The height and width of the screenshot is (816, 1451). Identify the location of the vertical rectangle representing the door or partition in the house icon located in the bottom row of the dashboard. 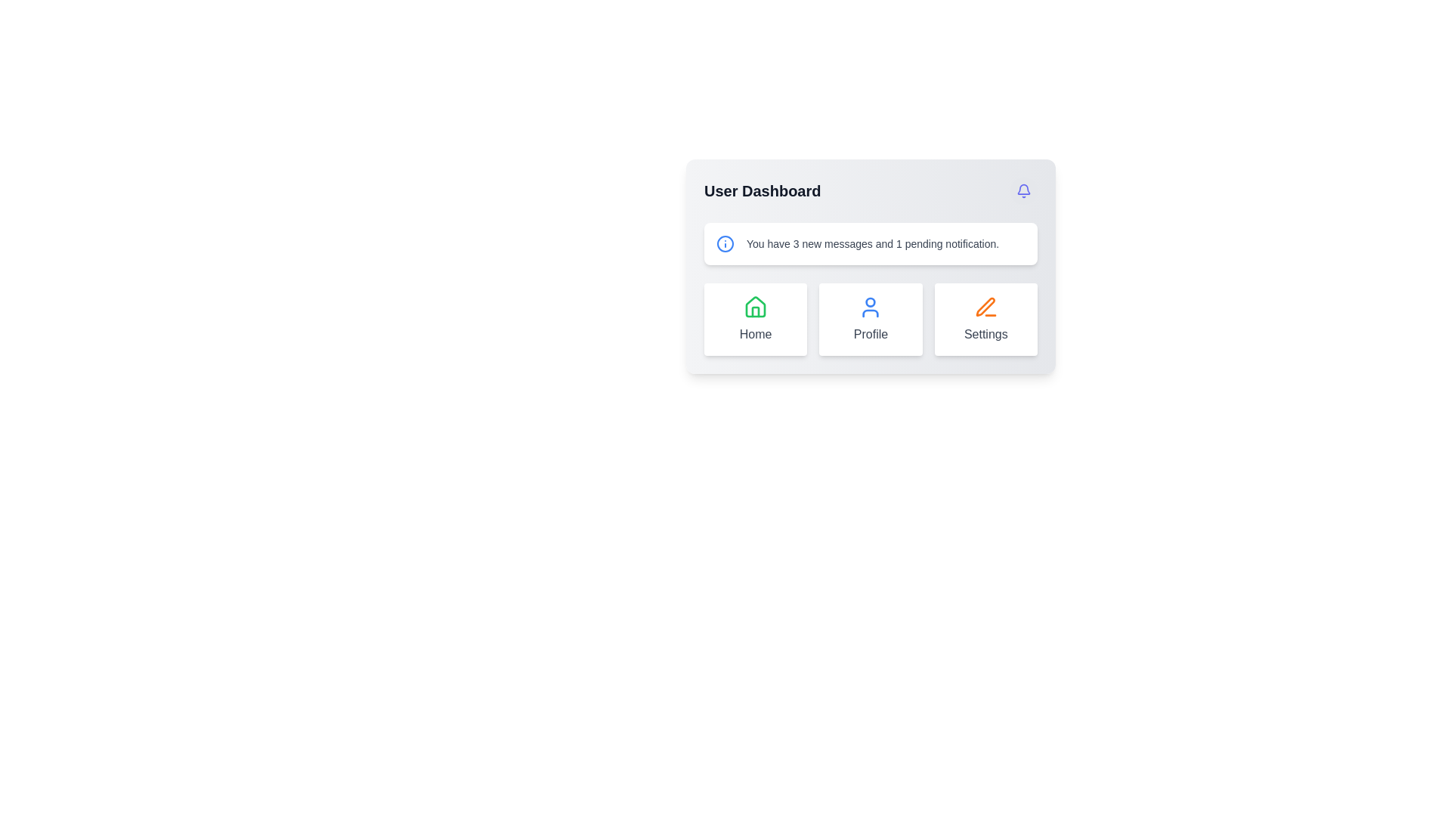
(756, 311).